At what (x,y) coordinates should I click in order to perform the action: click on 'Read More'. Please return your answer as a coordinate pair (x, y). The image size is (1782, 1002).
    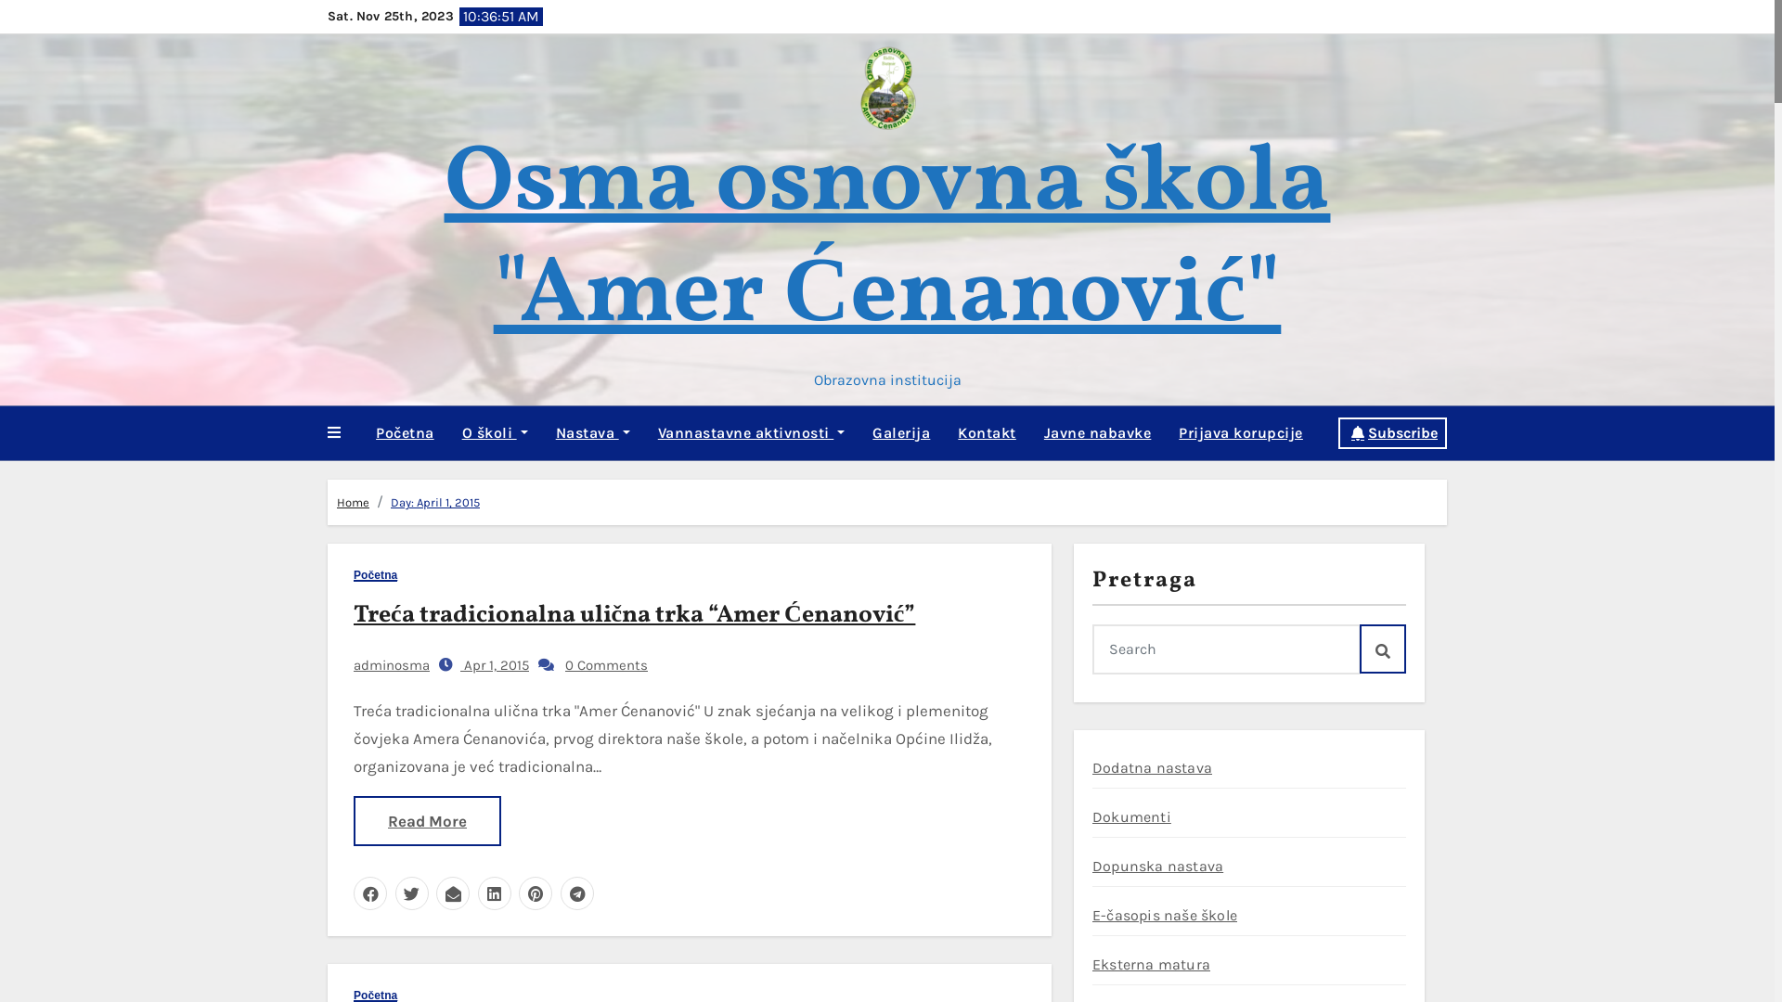
    Looking at the image, I should click on (426, 819).